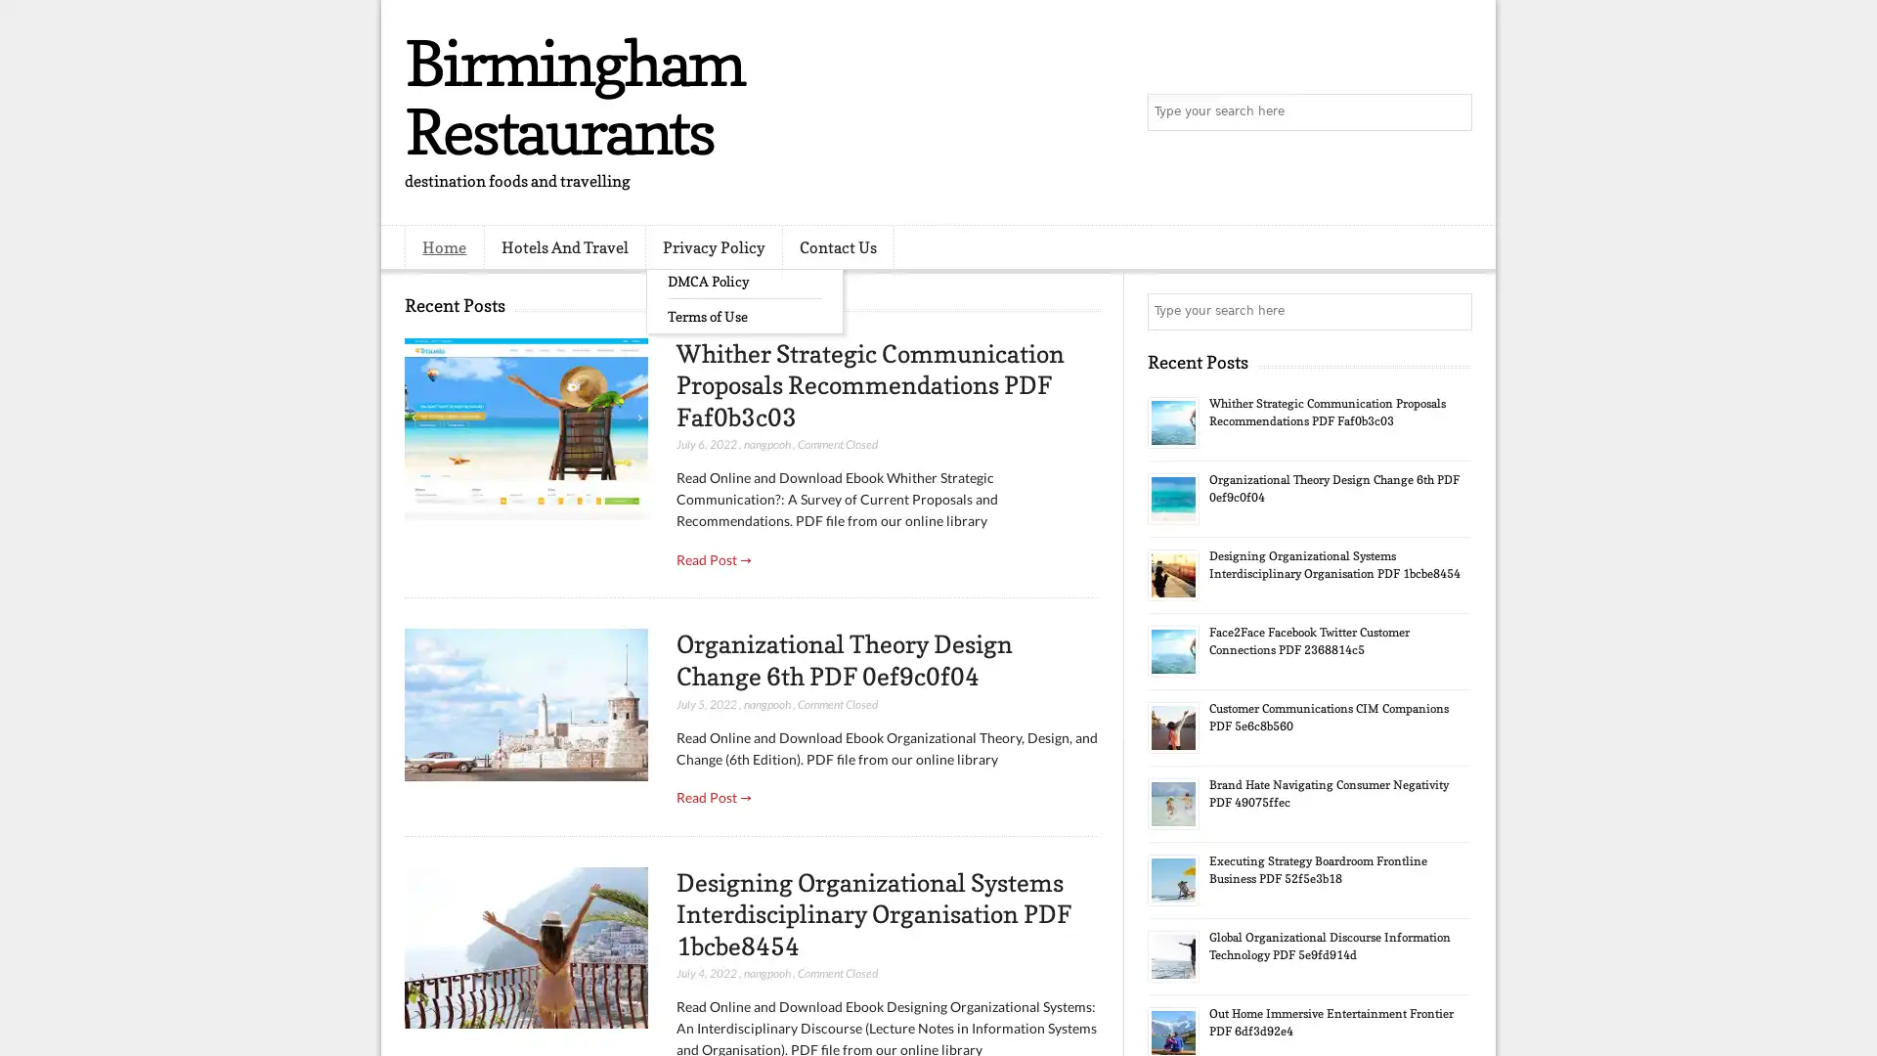 The width and height of the screenshot is (1877, 1056). What do you see at coordinates (1452, 311) in the screenshot?
I see `Search` at bounding box center [1452, 311].